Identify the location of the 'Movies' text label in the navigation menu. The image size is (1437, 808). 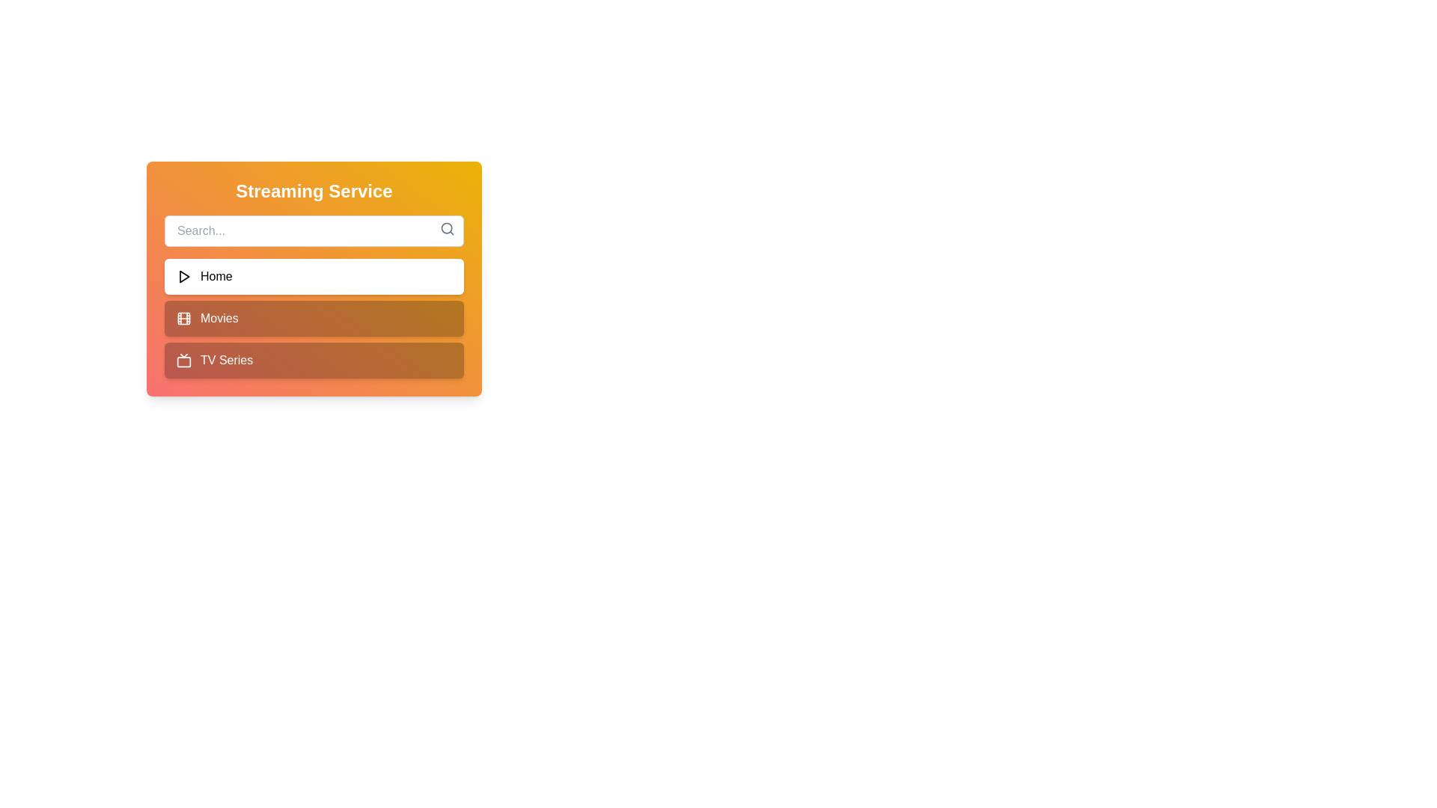
(219, 317).